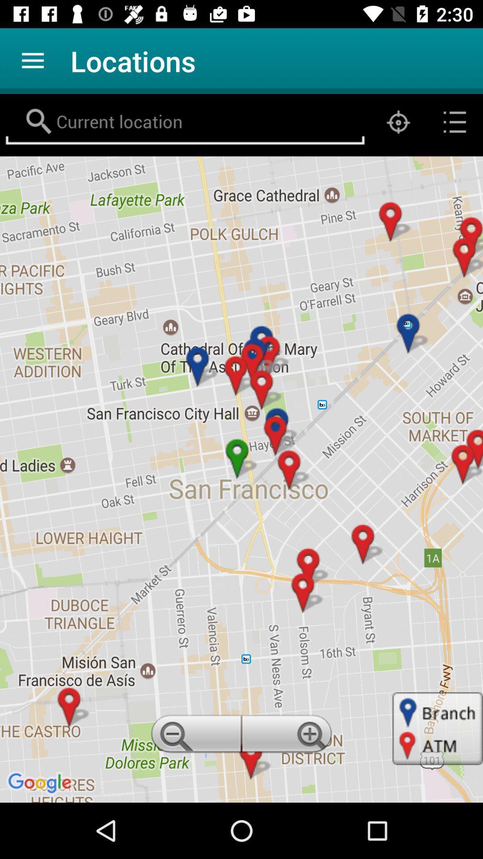 The image size is (483, 859). Describe the element at coordinates (194, 736) in the screenshot. I see `zoom out option` at that location.